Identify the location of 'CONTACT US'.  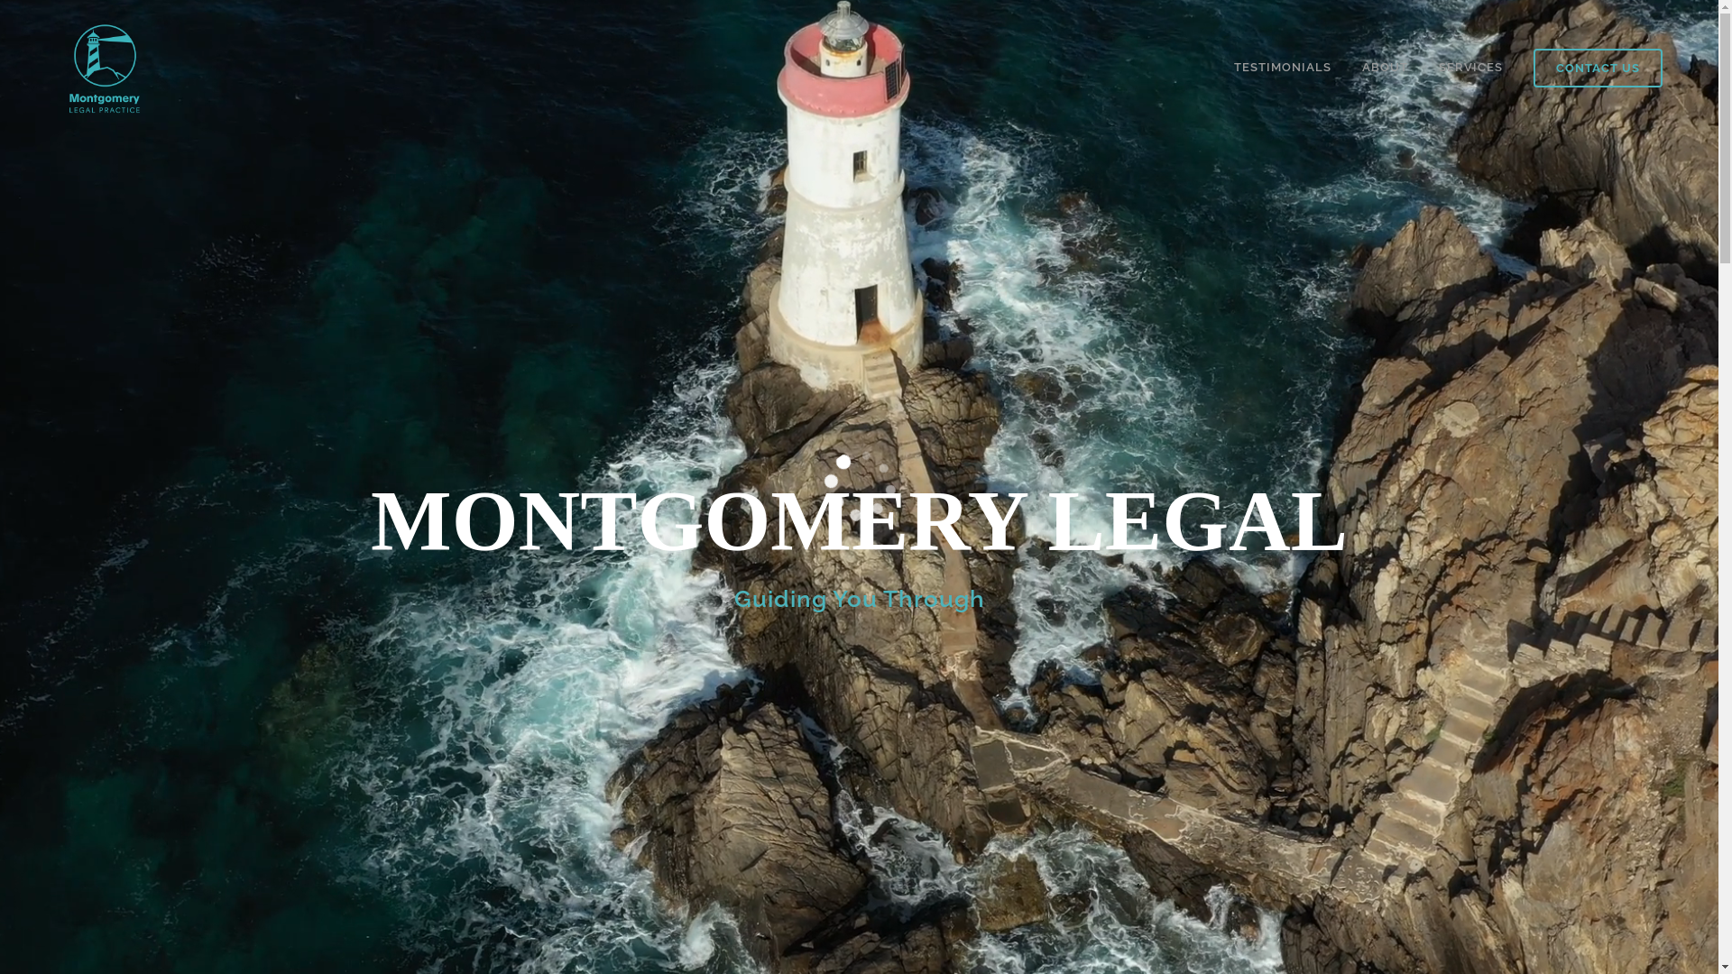
(1598, 67).